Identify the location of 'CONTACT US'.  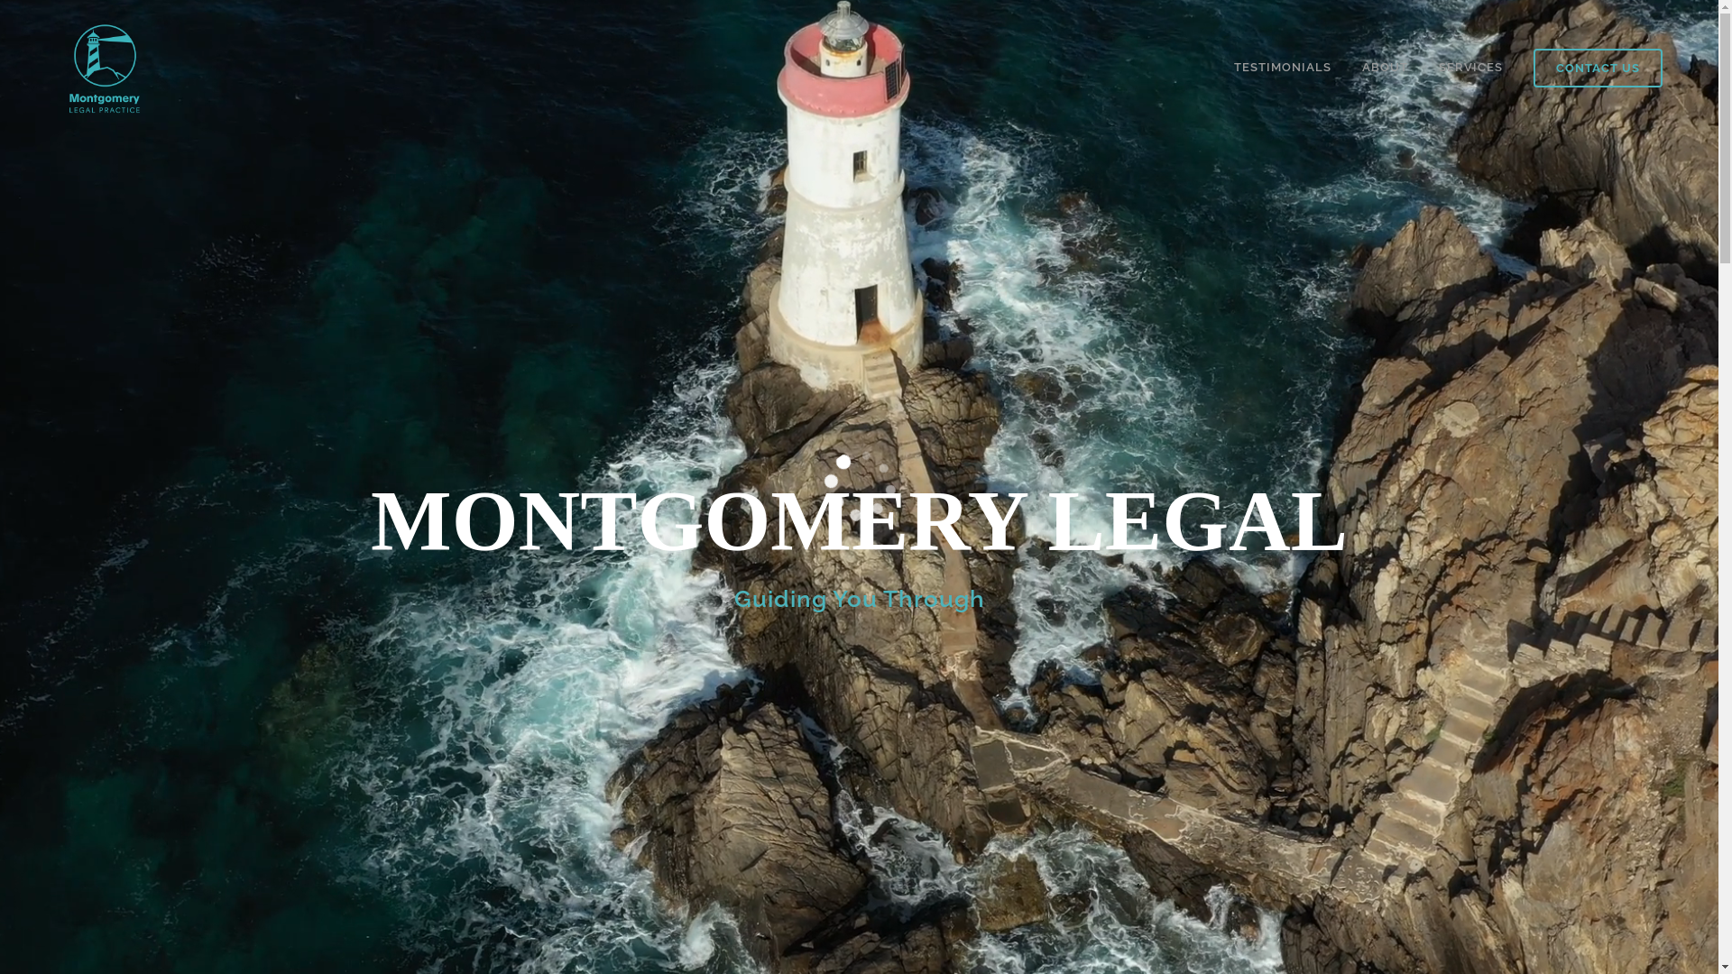
(1598, 67).